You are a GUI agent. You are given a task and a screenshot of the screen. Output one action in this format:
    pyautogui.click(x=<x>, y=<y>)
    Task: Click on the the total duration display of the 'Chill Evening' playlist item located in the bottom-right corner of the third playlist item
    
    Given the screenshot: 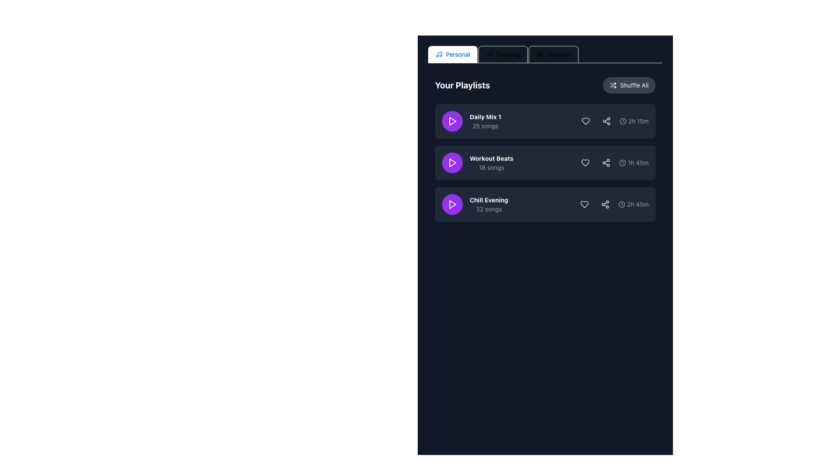 What is the action you would take?
    pyautogui.click(x=634, y=204)
    